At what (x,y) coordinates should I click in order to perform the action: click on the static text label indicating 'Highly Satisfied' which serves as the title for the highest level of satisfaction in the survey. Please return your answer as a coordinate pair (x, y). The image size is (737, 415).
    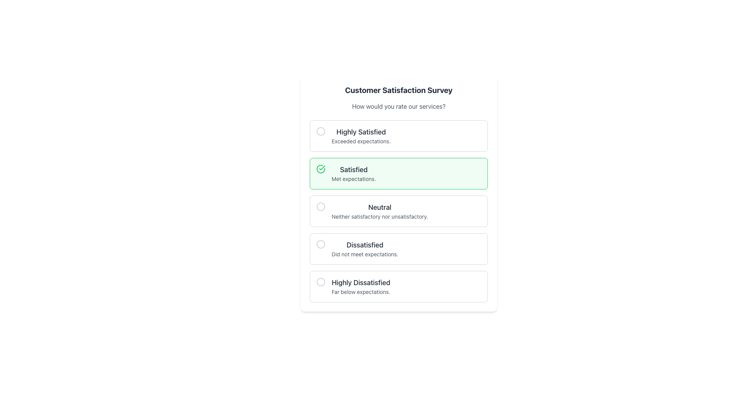
    Looking at the image, I should click on (360, 131).